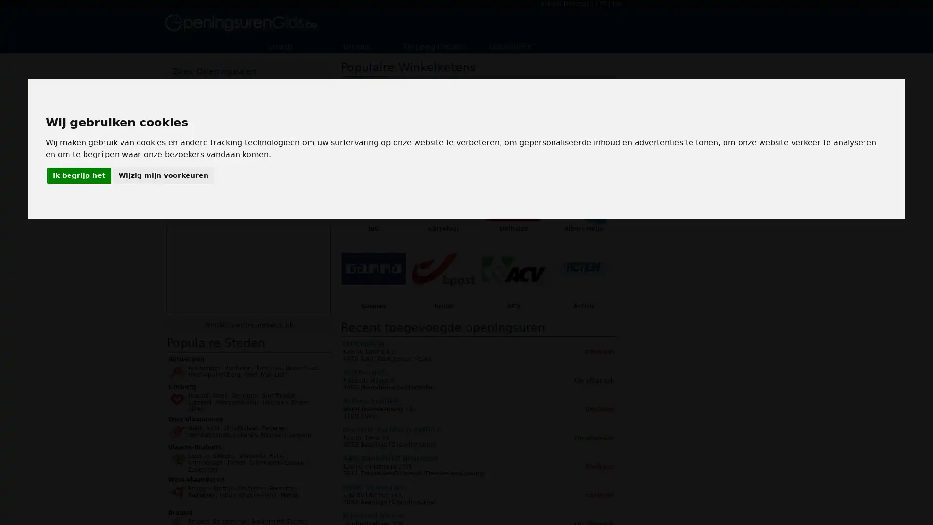 This screenshot has width=933, height=525. Describe the element at coordinates (79, 175) in the screenshot. I see `Ik begrijp het` at that location.